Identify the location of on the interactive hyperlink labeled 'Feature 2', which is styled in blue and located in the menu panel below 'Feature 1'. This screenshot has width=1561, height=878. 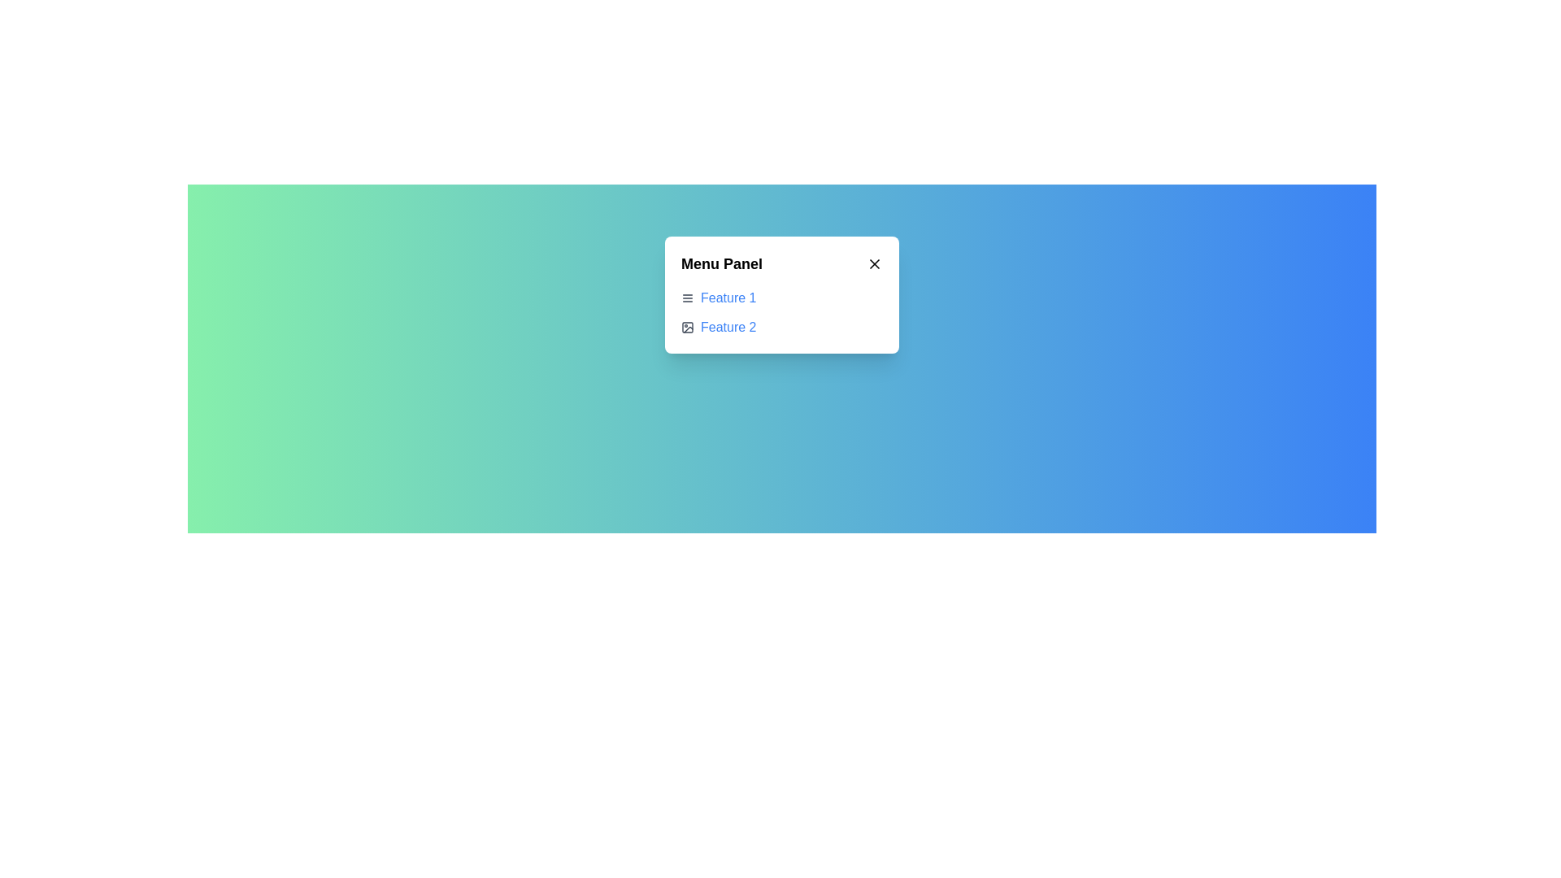
(728, 327).